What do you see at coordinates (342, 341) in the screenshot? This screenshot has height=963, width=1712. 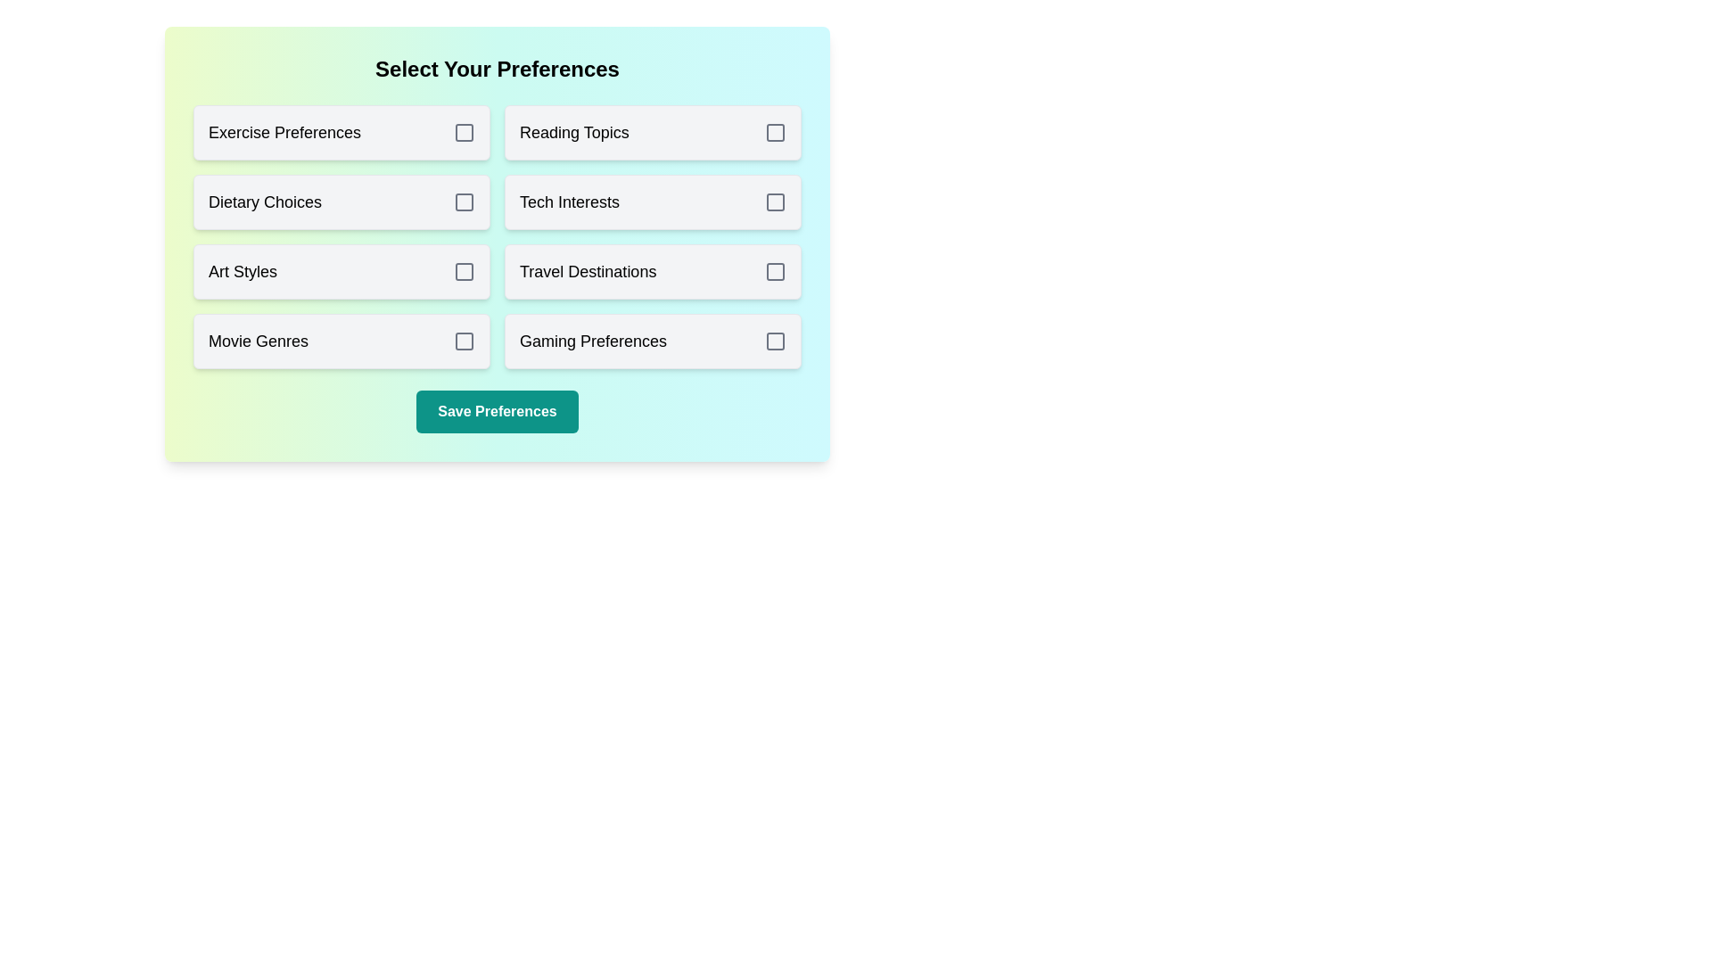 I see `the option Movie Genres to observe its hover effect` at bounding box center [342, 341].